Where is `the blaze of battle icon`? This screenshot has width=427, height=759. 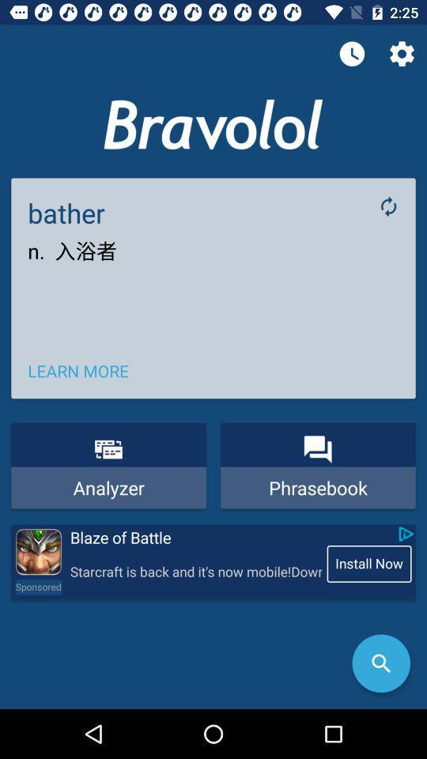 the blaze of battle icon is located at coordinates (195, 538).